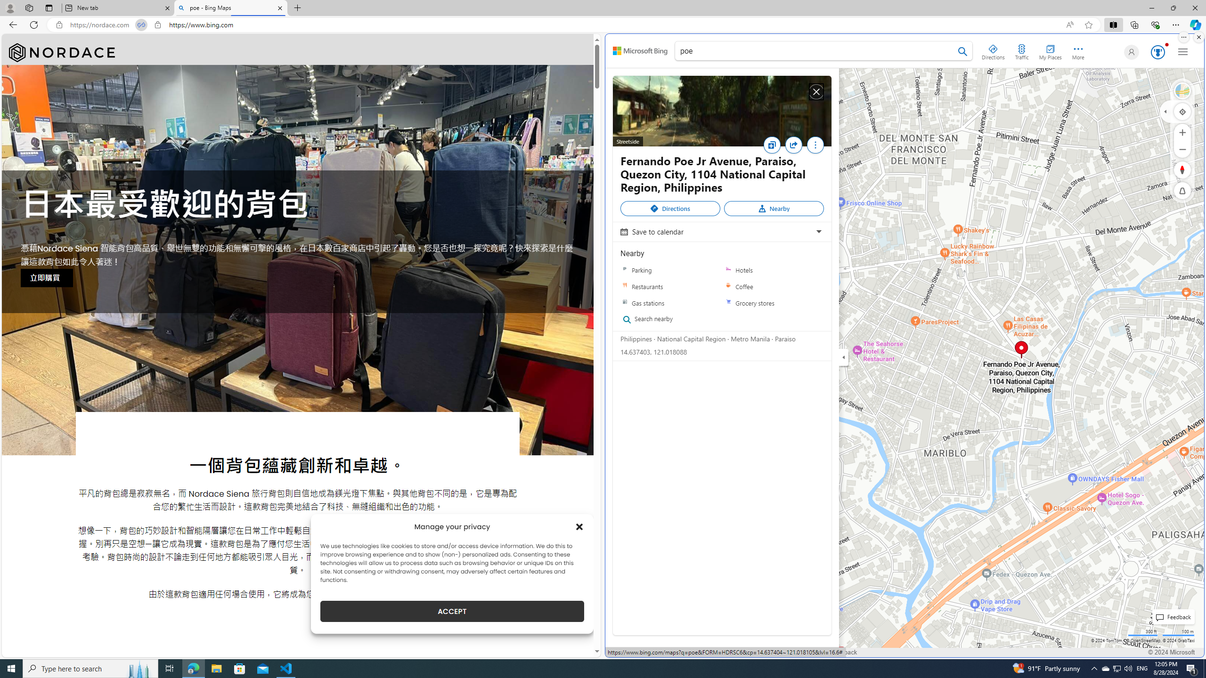  I want to click on 'Grocery stores', so click(728, 303).